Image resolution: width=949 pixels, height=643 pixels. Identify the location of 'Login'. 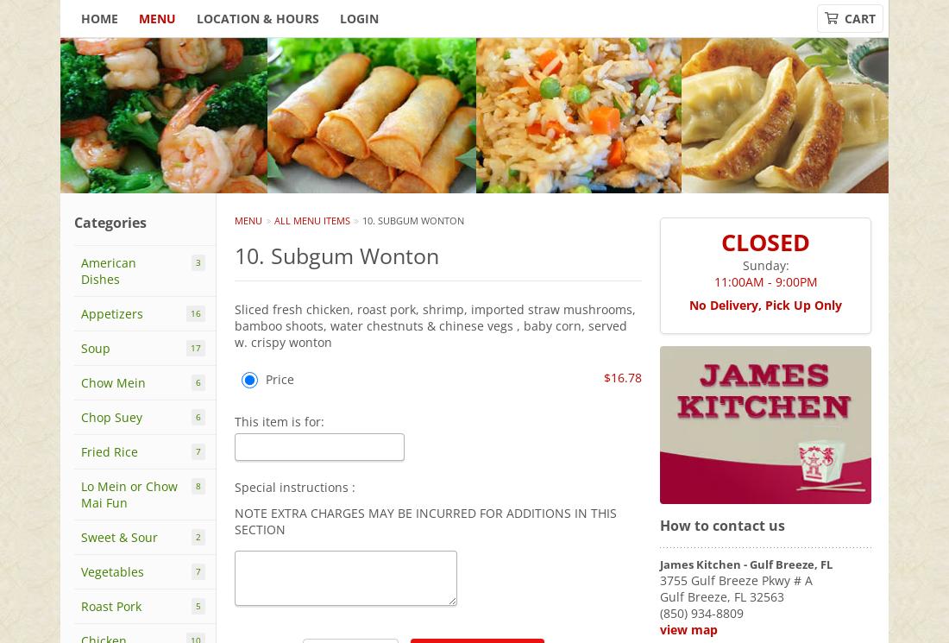
(358, 18).